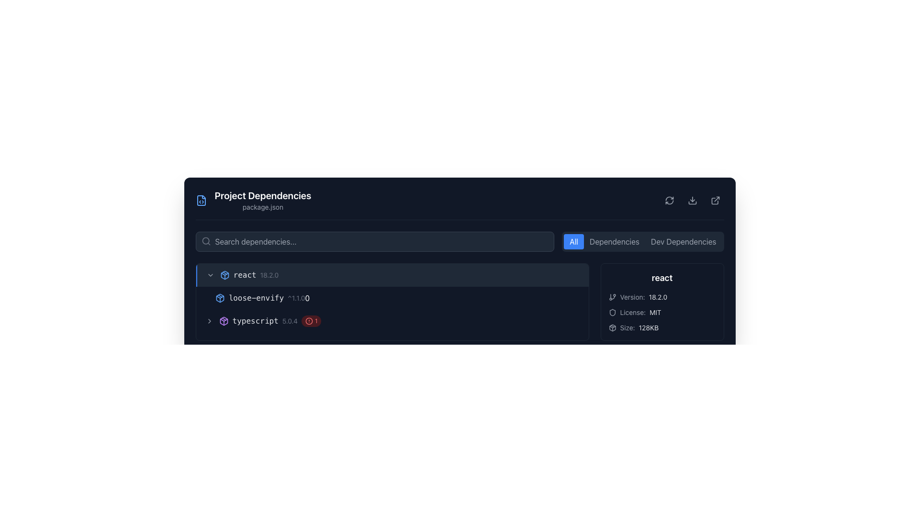 This screenshot has width=919, height=517. Describe the element at coordinates (669, 198) in the screenshot. I see `the curved line forming part of the refresh icon, which is styled with a thin stroke and no fill color, located in the top-right corner of the interface` at that location.